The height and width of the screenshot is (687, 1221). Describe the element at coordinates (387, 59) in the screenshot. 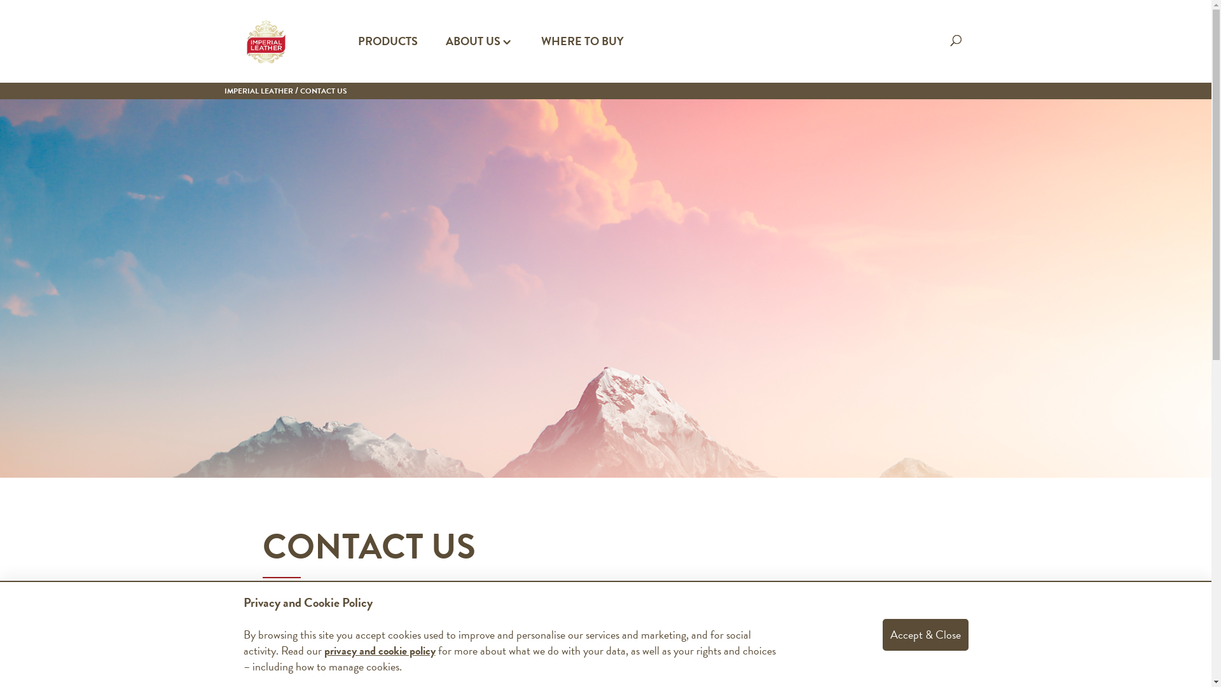

I see `'PRODUCTS'` at that location.